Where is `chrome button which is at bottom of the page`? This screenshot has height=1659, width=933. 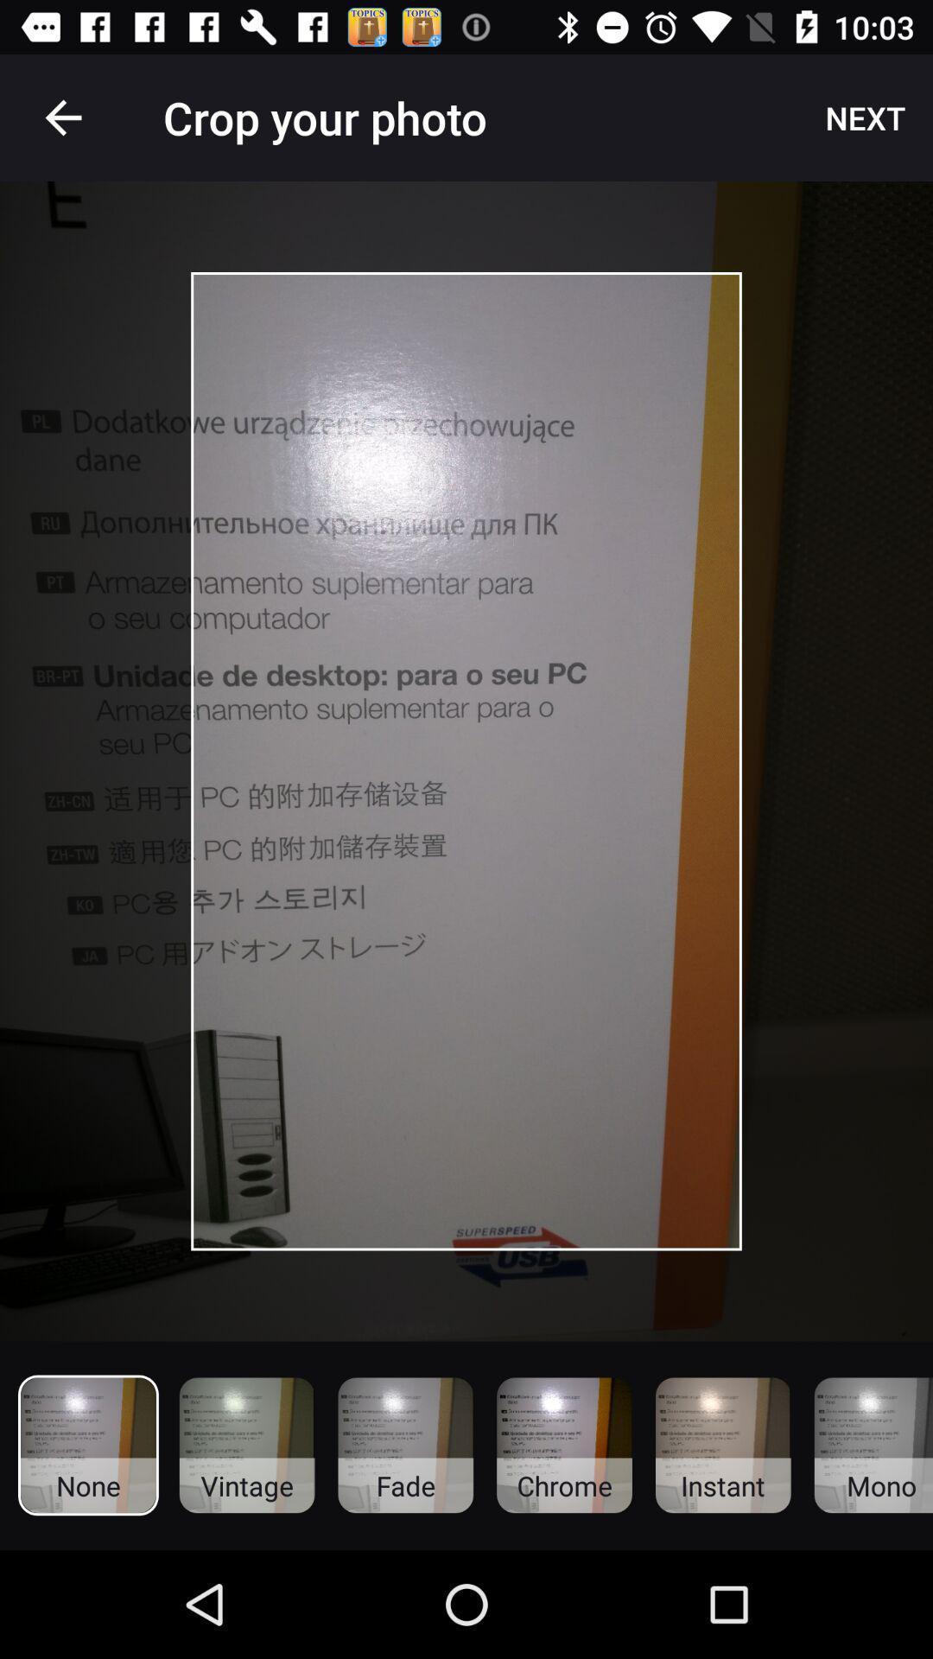 chrome button which is at bottom of the page is located at coordinates (564, 1446).